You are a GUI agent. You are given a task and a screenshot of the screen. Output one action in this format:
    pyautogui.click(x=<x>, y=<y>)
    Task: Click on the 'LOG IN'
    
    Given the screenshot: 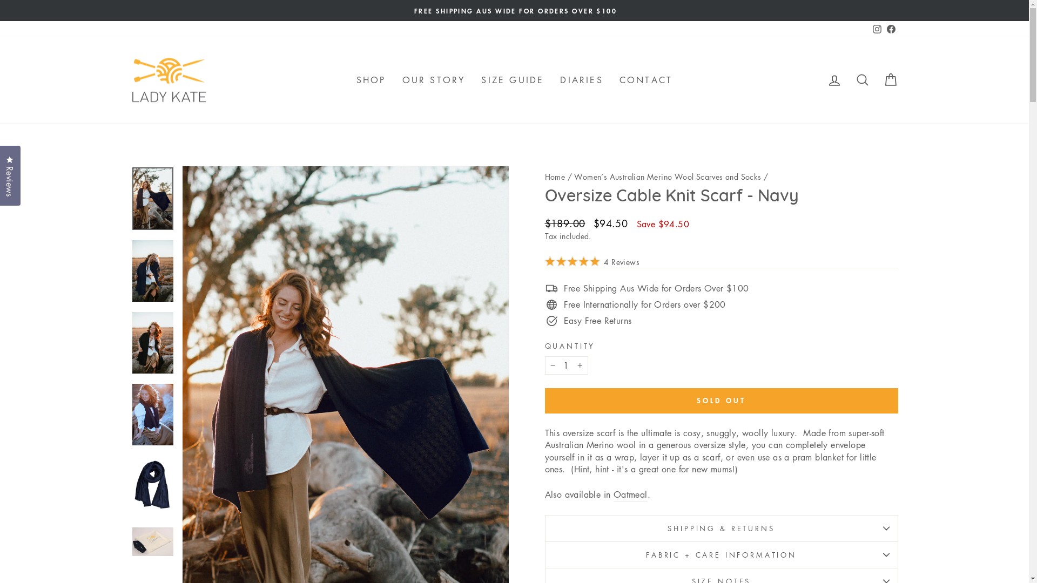 What is the action you would take?
    pyautogui.click(x=833, y=79)
    